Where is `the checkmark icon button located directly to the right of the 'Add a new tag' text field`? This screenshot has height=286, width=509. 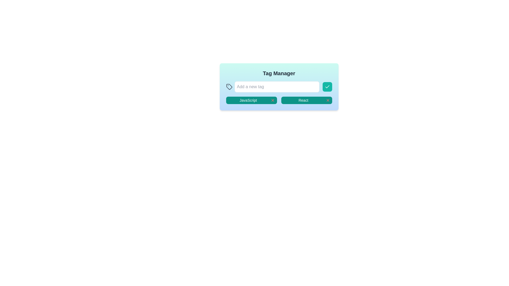
the checkmark icon button located directly to the right of the 'Add a new tag' text field is located at coordinates (327, 86).